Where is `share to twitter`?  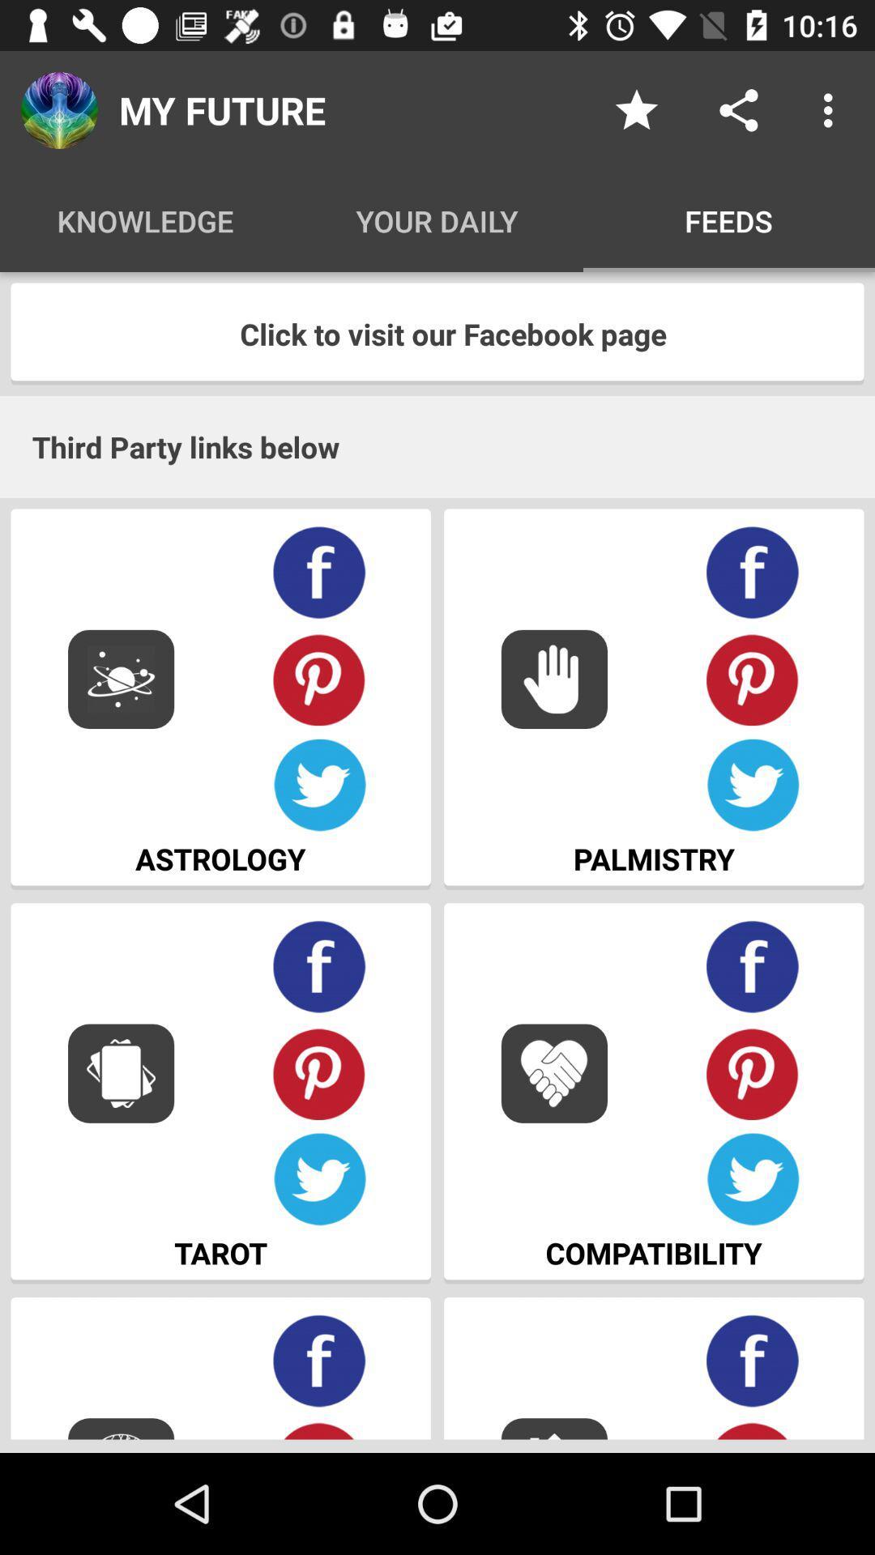
share to twitter is located at coordinates (319, 786).